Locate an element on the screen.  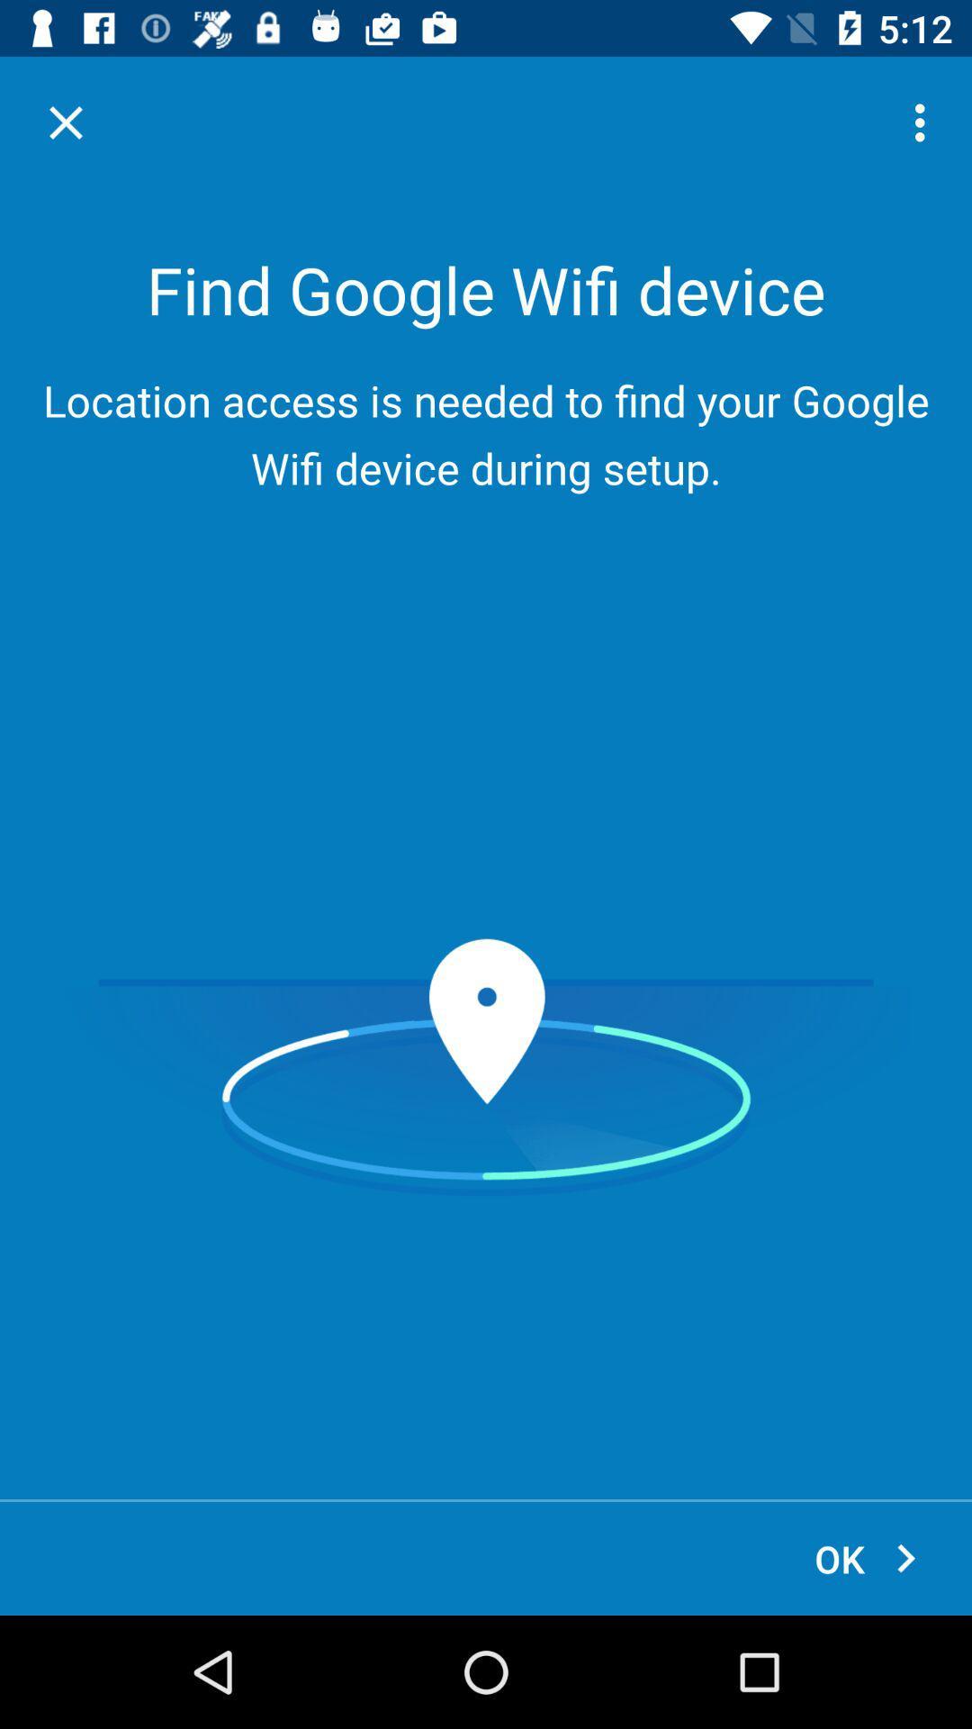
ok icon is located at coordinates (867, 1558).